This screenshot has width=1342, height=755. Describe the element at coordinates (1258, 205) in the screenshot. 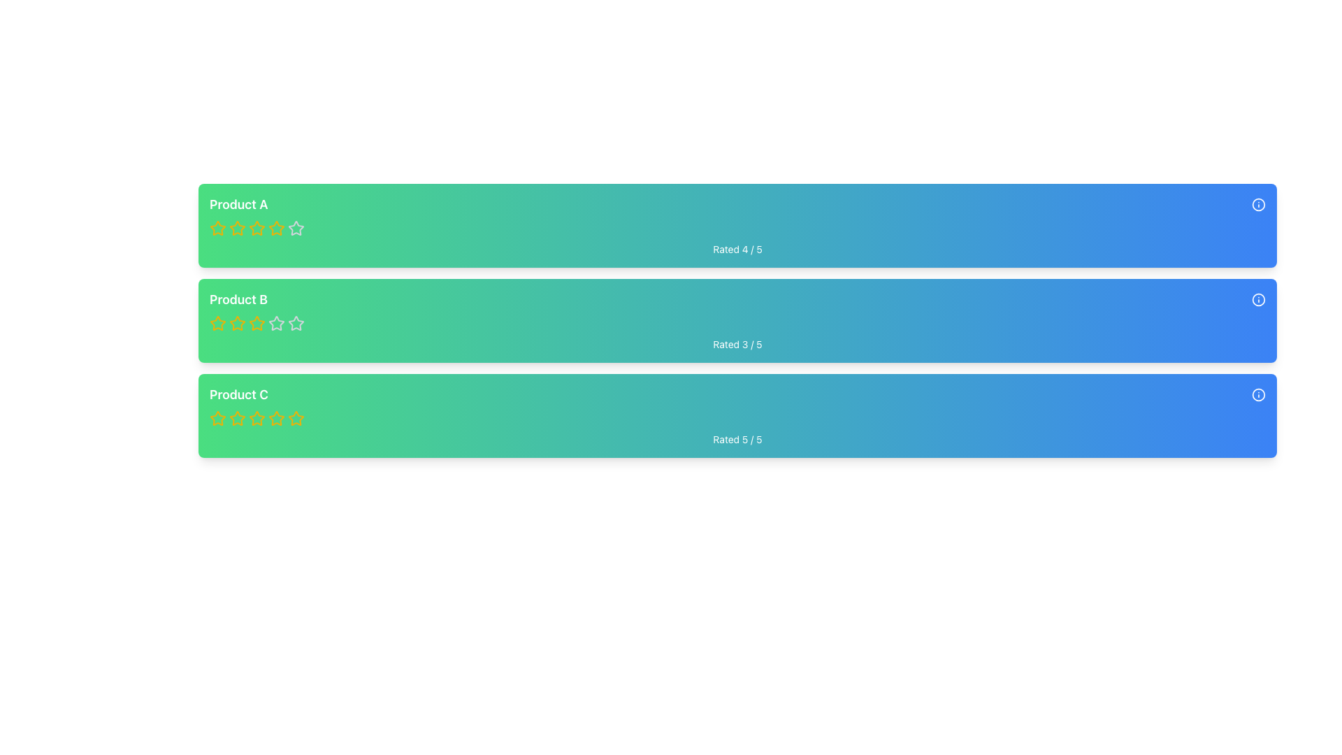

I see `the Circle graphical element within the SVG, which serves as a part of an icon indicating further details or actions, located at the far right of the topmost item in a vertically stacked list of product ratings` at that location.